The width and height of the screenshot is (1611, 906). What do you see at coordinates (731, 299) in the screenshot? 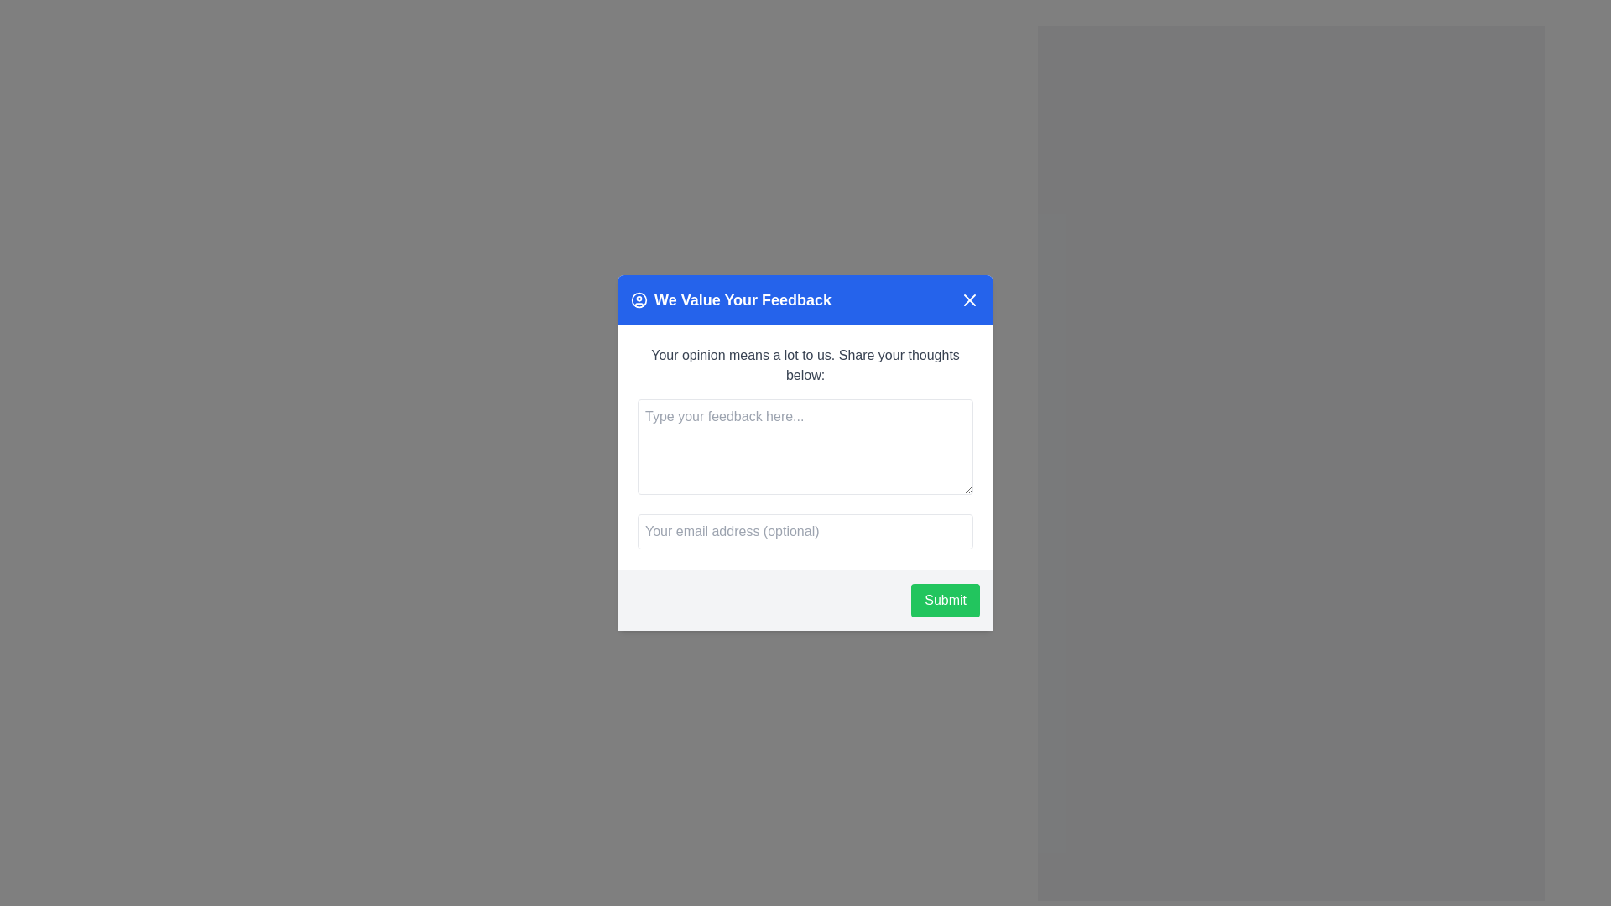
I see `the header text 'We Value Your Feedback' with the accompanying circular user figure icon, located in the blue header section of the popup modal` at bounding box center [731, 299].